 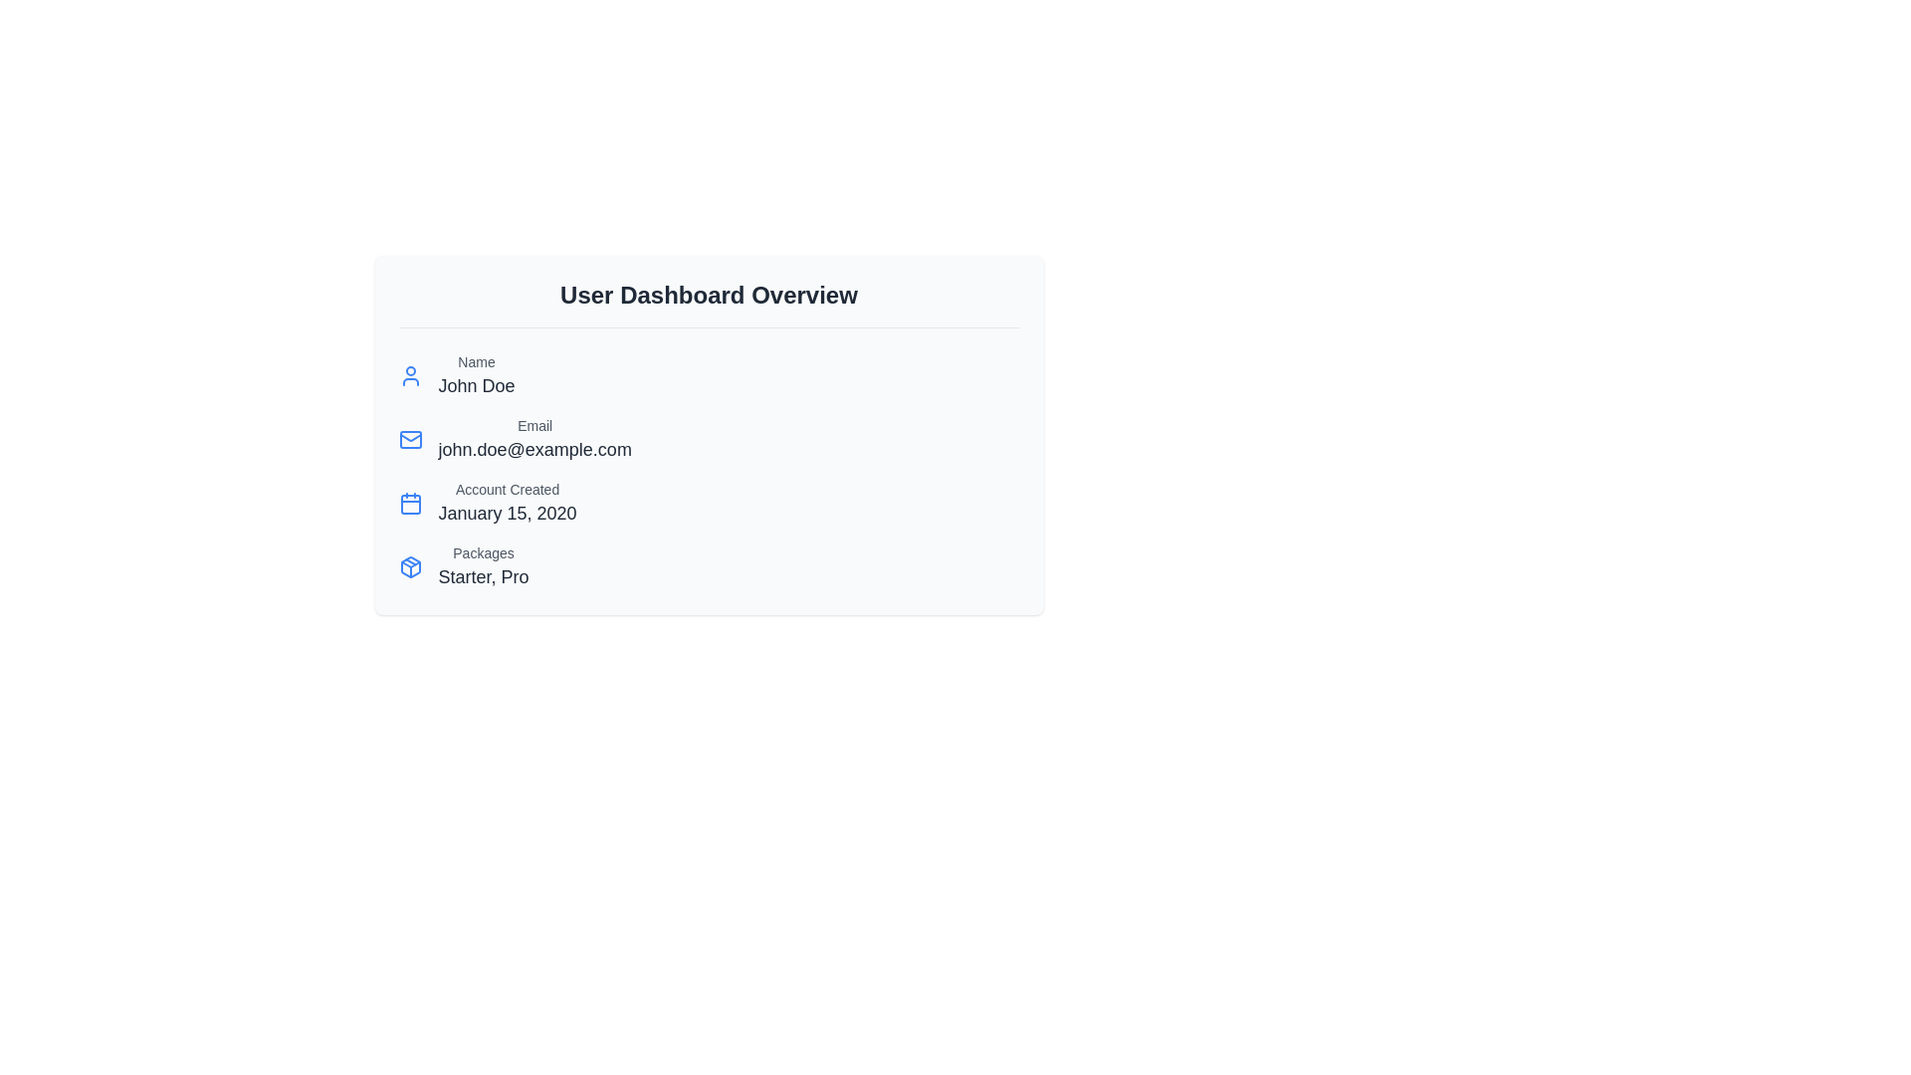 I want to click on the informational row displaying the account creation date in the user information card layout, which is located below the 'Email' row and above the 'Packages' row, so click(x=709, y=502).